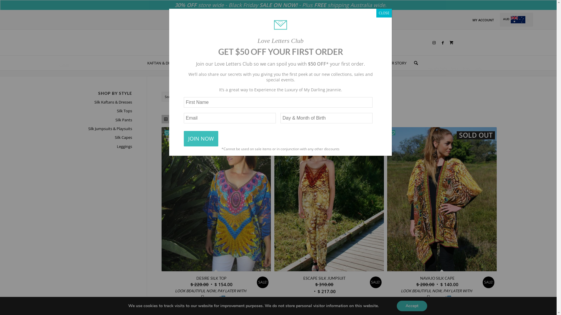 The height and width of the screenshot is (315, 561). What do you see at coordinates (95, 102) in the screenshot?
I see `'Silk Kaftans & Dresses'` at bounding box center [95, 102].